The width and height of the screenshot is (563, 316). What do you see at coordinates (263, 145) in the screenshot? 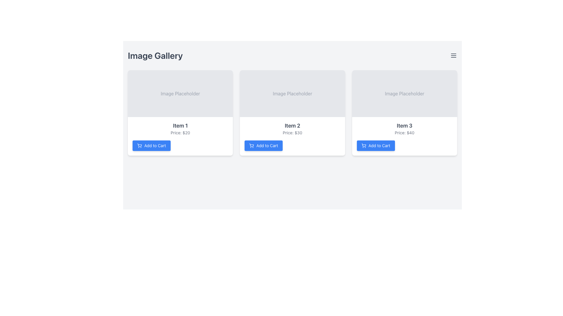
I see `the 'Add to Cart' button` at bounding box center [263, 145].